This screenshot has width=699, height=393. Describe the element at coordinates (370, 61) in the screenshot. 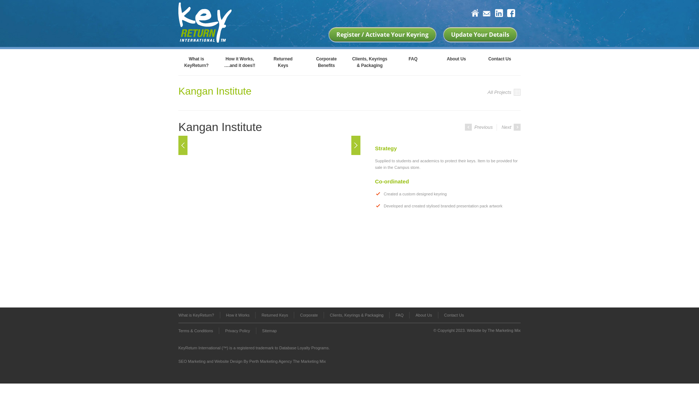

I see `'Clients, Keyrings` at that location.